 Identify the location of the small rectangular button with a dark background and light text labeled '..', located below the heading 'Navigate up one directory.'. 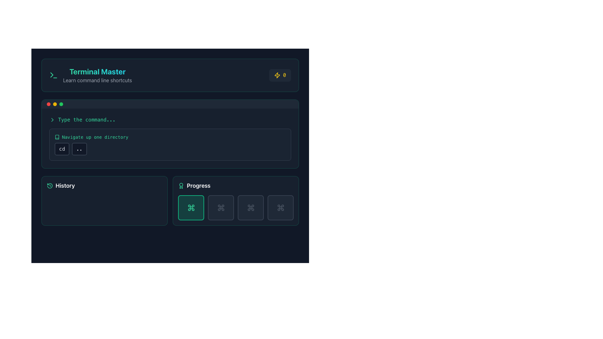
(79, 149).